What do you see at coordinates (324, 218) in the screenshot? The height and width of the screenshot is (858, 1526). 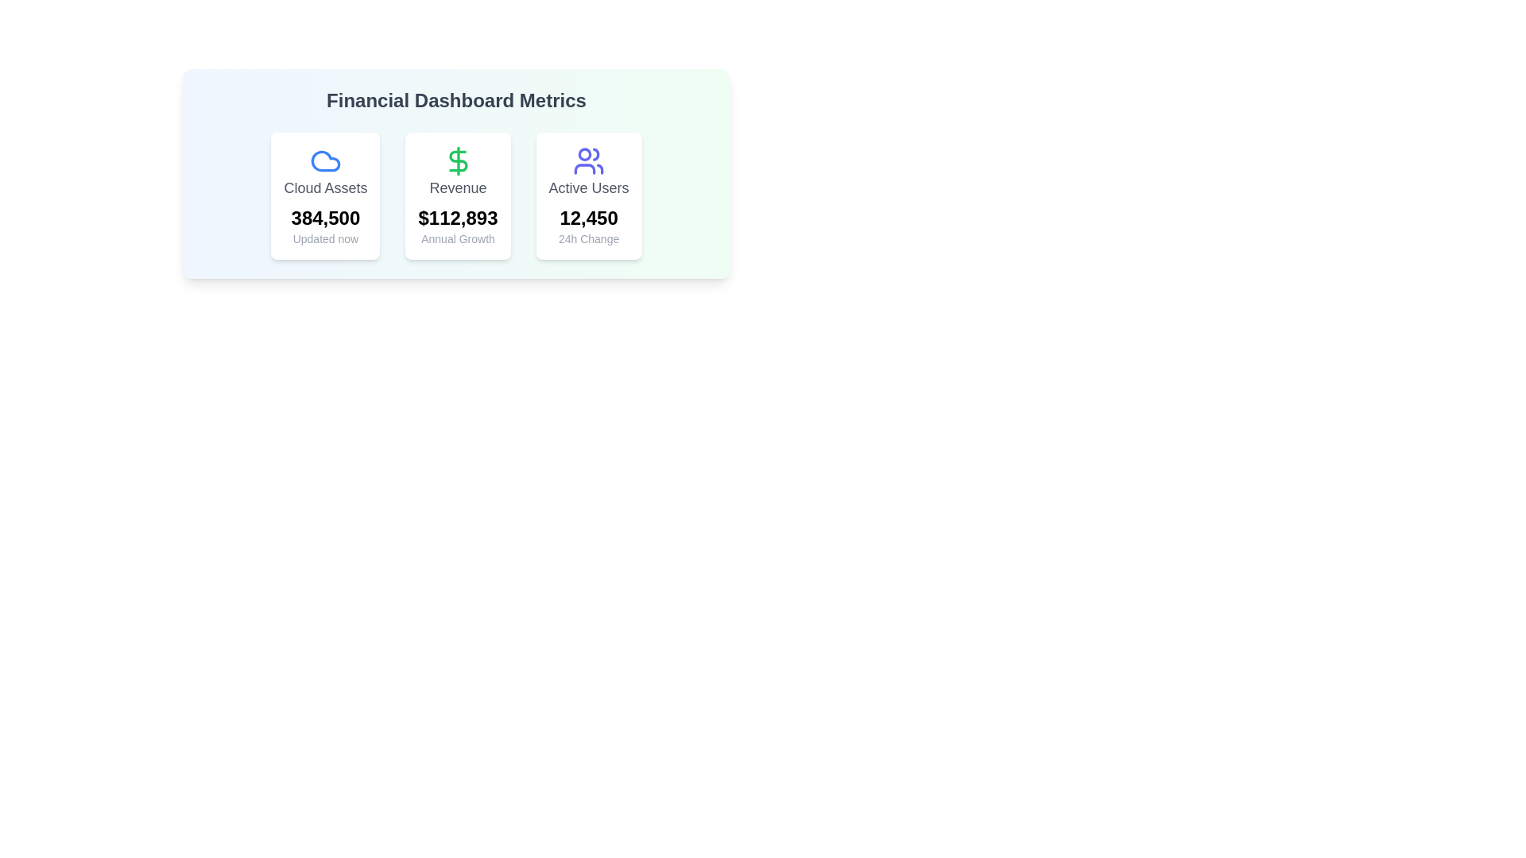 I see `numeric value displayed in the bold text label '384,500', which is located below the 'Cloud Assets' label and above the caption 'Updated now' within the first card of the dashboard` at bounding box center [324, 218].